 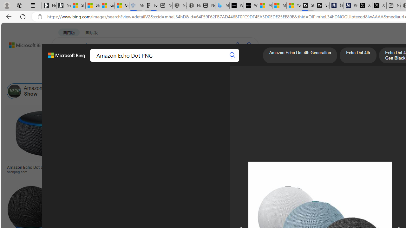 I want to click on 'ACADEMIC', so click(x=174, y=62).